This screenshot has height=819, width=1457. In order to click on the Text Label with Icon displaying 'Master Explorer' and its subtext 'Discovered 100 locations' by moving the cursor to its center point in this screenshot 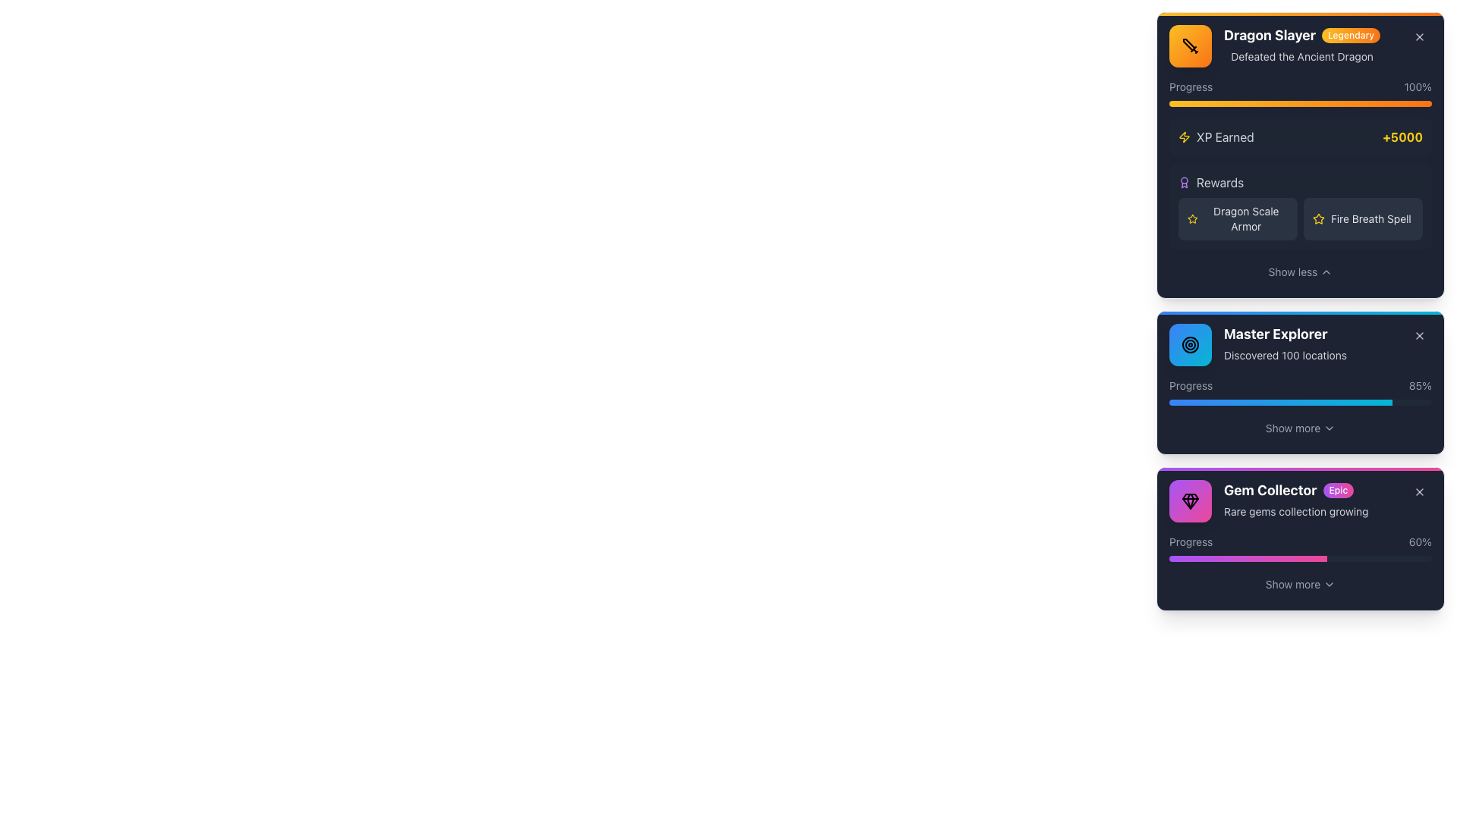, I will do `click(1257, 345)`.